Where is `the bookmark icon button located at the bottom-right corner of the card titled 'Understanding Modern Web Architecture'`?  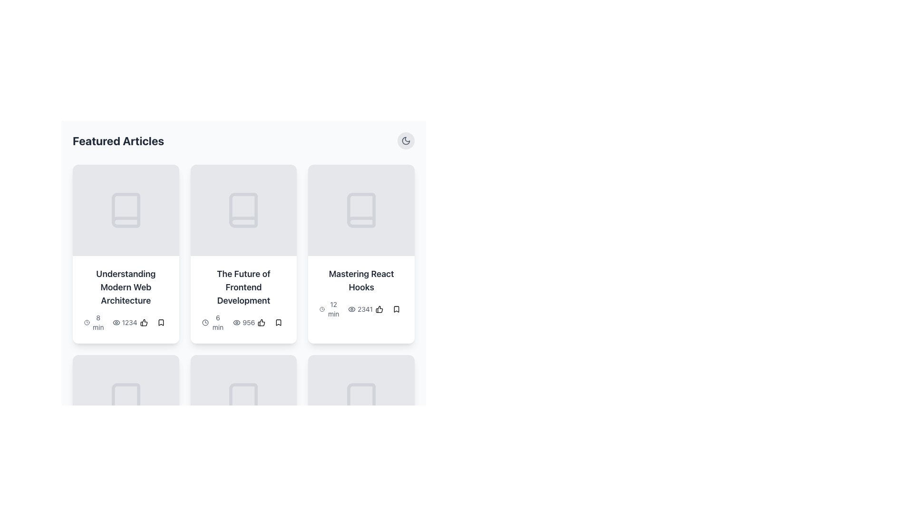 the bookmark icon button located at the bottom-right corner of the card titled 'Understanding Modern Web Architecture' is located at coordinates (161, 322).